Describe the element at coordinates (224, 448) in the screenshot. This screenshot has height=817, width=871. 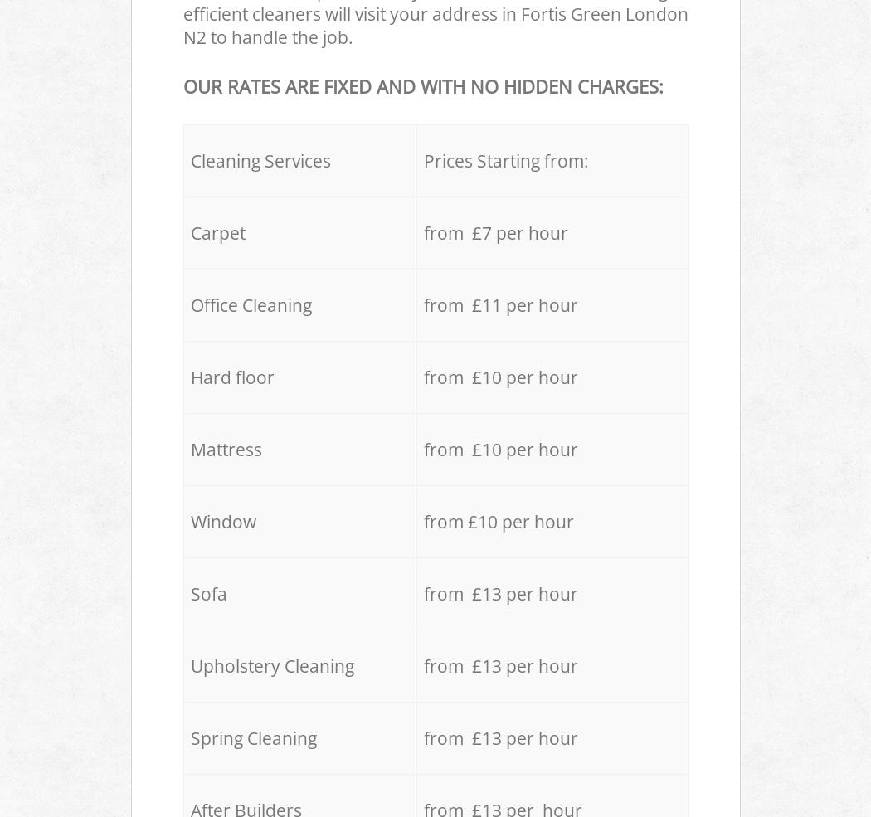
I see `'Mattress'` at that location.